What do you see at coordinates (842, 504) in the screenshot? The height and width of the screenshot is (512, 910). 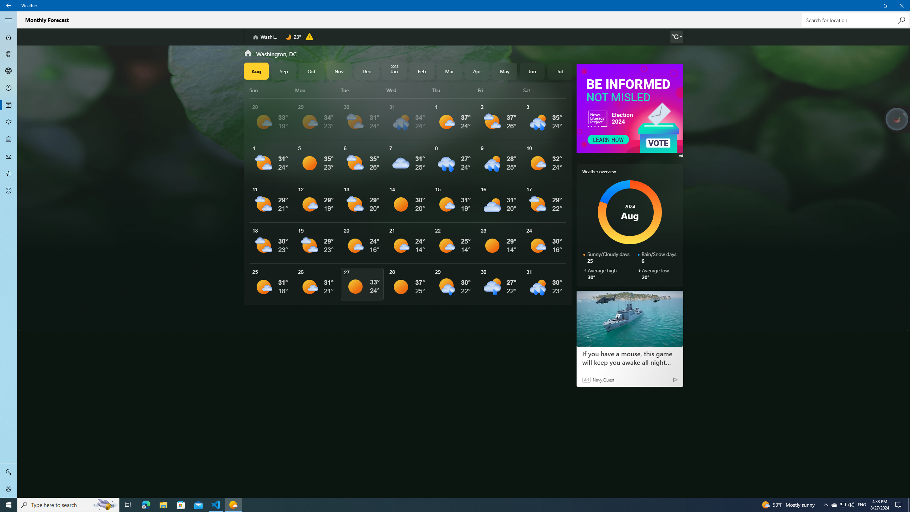 I see `'User Promoted Notification Area'` at bounding box center [842, 504].